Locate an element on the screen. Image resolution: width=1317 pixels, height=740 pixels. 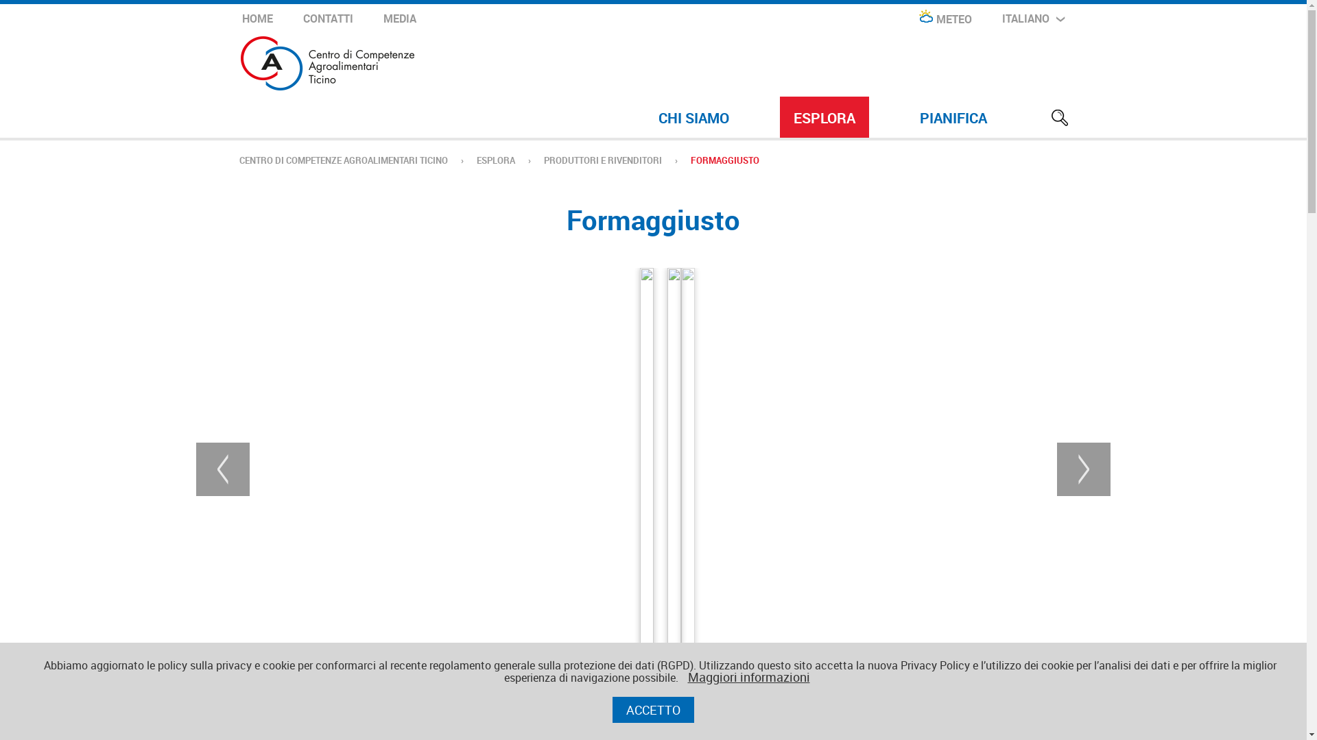
'METEO' is located at coordinates (942, 18).